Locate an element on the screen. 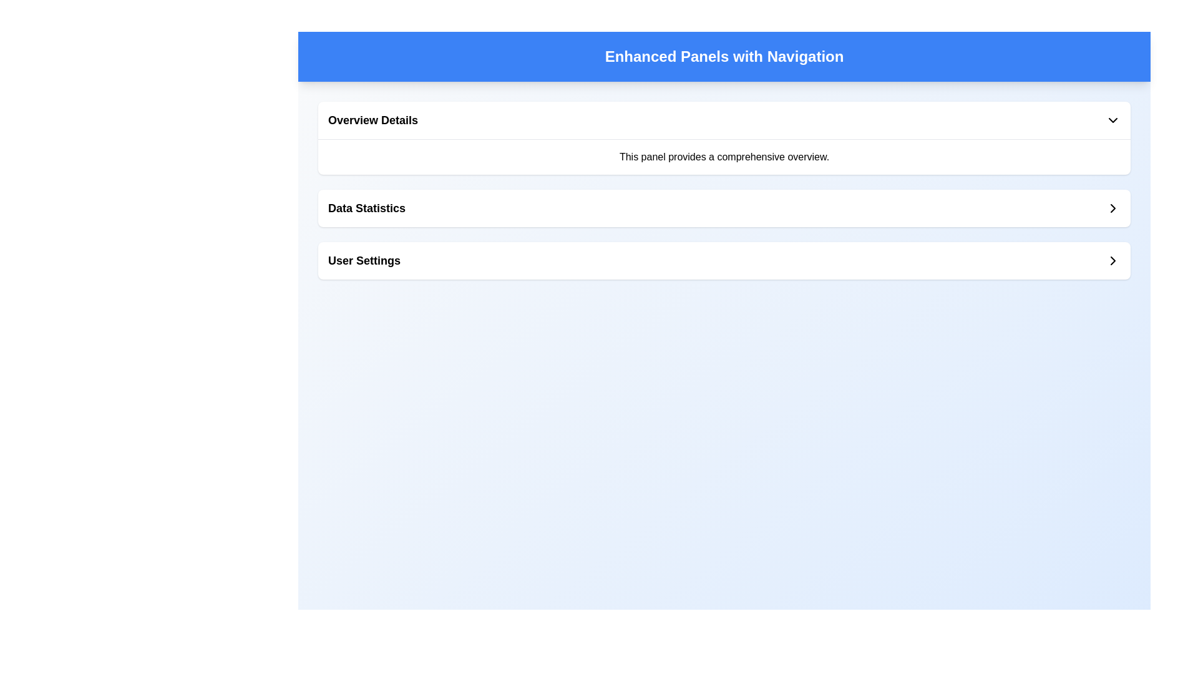  the 'User Settings' text label, which is styled in bold and slightly enlarged font and located on the third row of a vertically-aligned list of options is located at coordinates (364, 260).